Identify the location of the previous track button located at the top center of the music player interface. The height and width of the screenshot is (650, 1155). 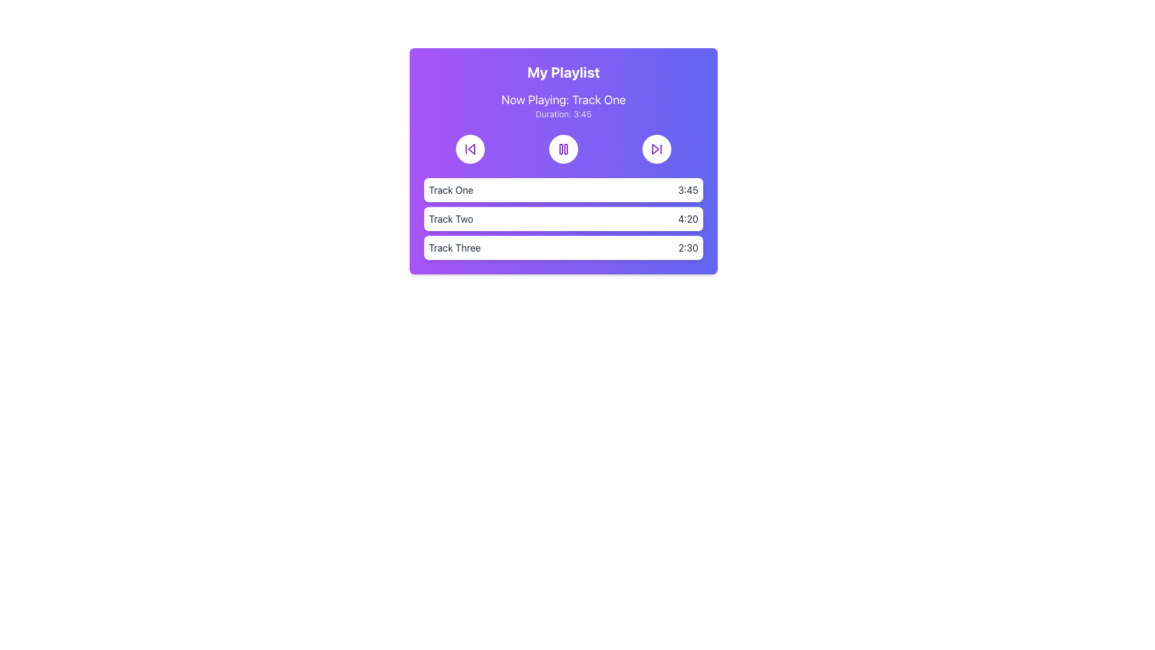
(470, 148).